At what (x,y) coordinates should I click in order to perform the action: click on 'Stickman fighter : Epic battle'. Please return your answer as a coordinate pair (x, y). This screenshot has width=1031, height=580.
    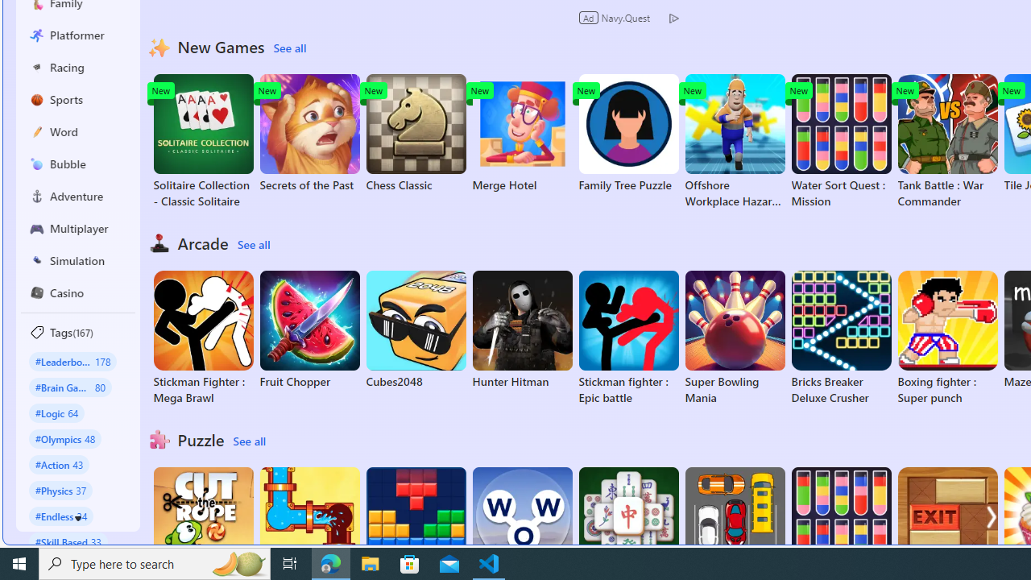
    Looking at the image, I should click on (627, 338).